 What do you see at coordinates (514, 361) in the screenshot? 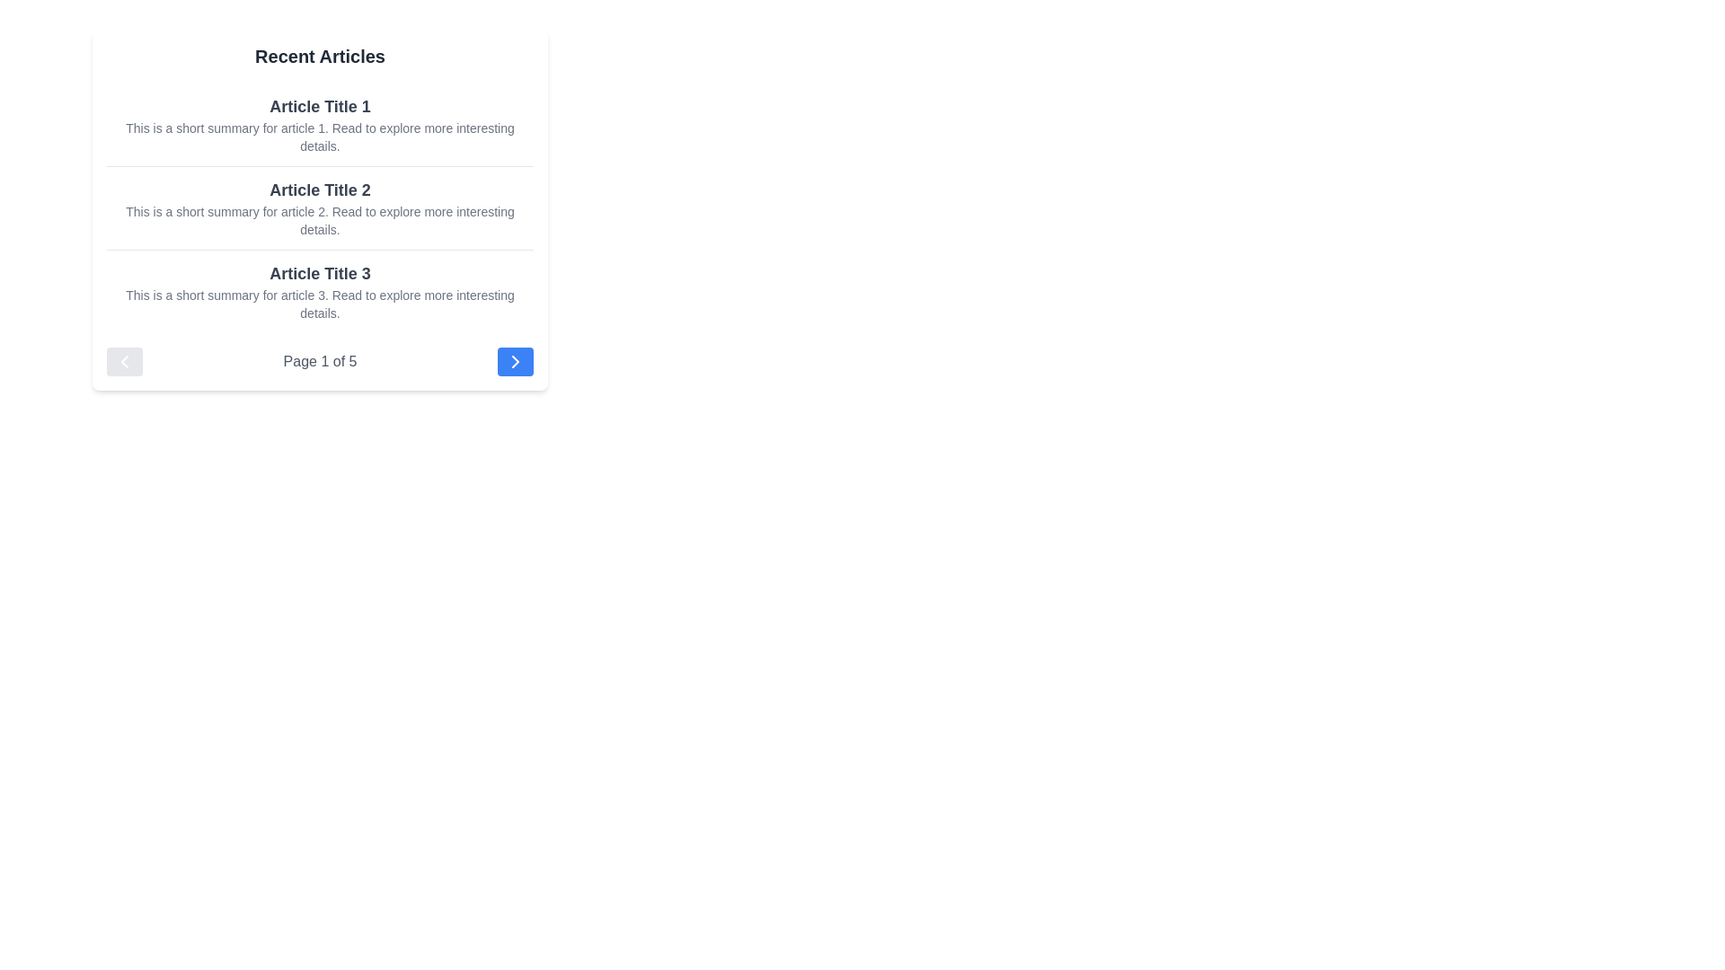
I see `the chevron-shaped arrow icon pointing to the right, located in the blue navigation box at the bottom-right corner of the 'Recent Articles' section` at bounding box center [514, 361].